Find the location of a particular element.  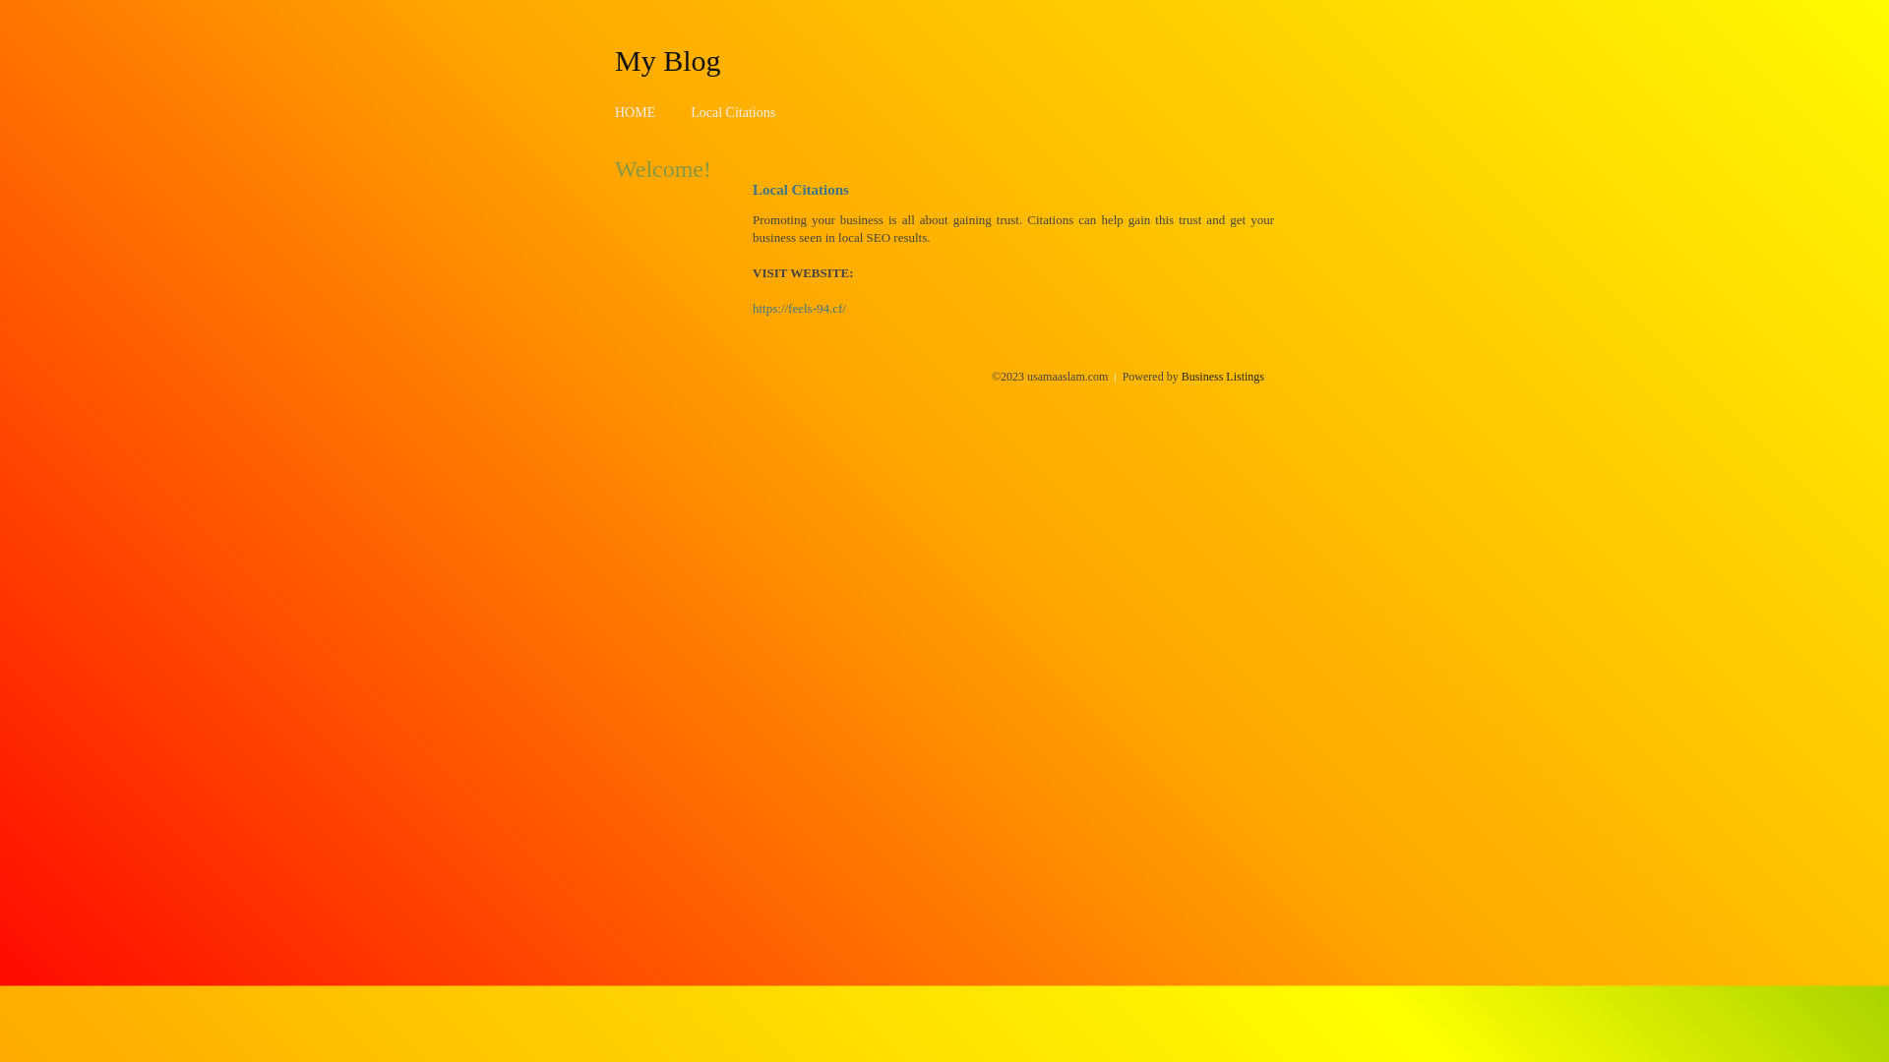

'Local Citations' is located at coordinates (731, 112).